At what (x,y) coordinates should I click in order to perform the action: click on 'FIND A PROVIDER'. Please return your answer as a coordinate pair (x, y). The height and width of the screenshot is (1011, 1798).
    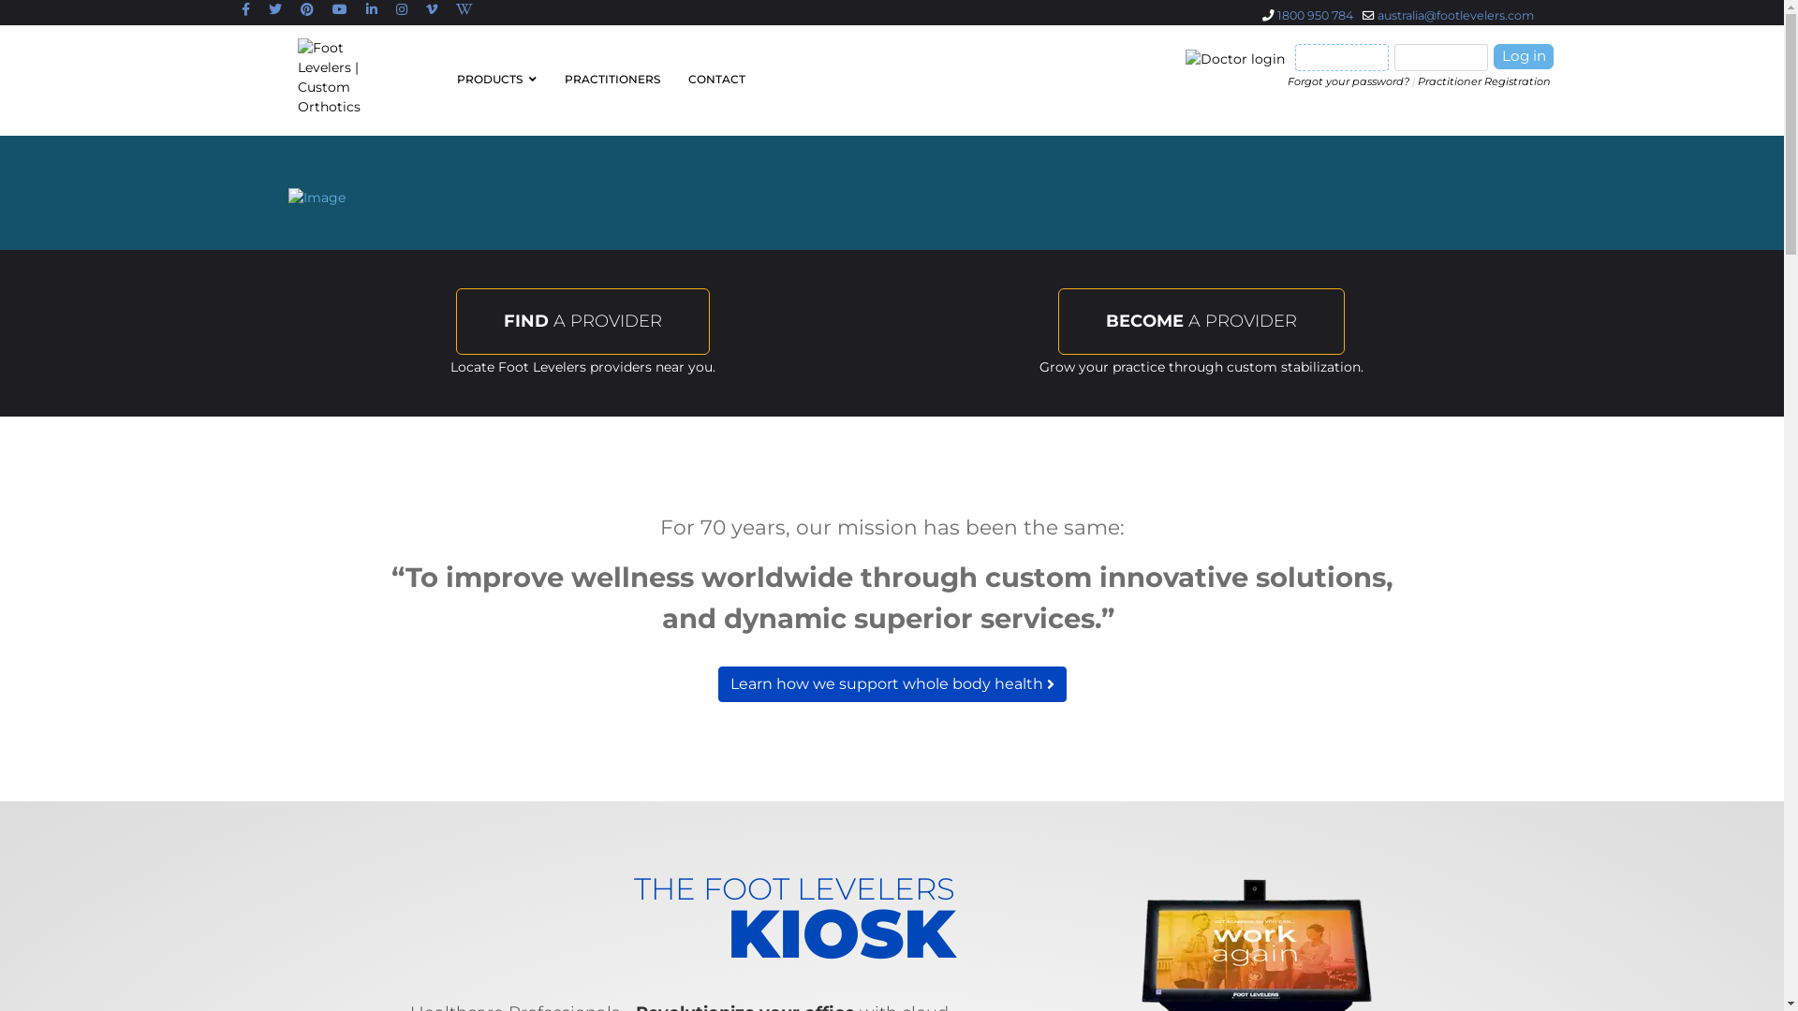
    Looking at the image, I should click on (582, 320).